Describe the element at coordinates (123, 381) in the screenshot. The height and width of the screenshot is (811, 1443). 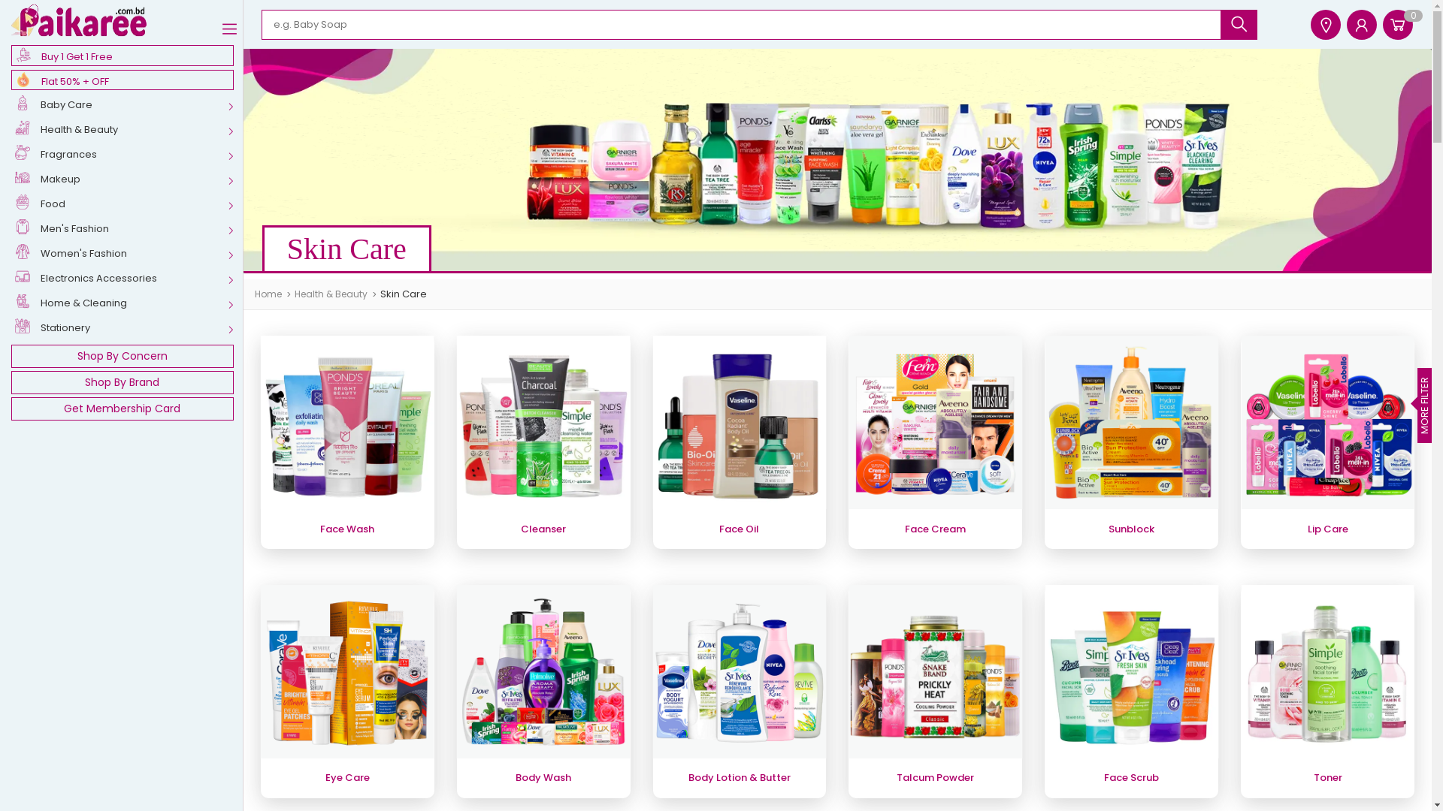
I see `'Shop By Brand'` at that location.